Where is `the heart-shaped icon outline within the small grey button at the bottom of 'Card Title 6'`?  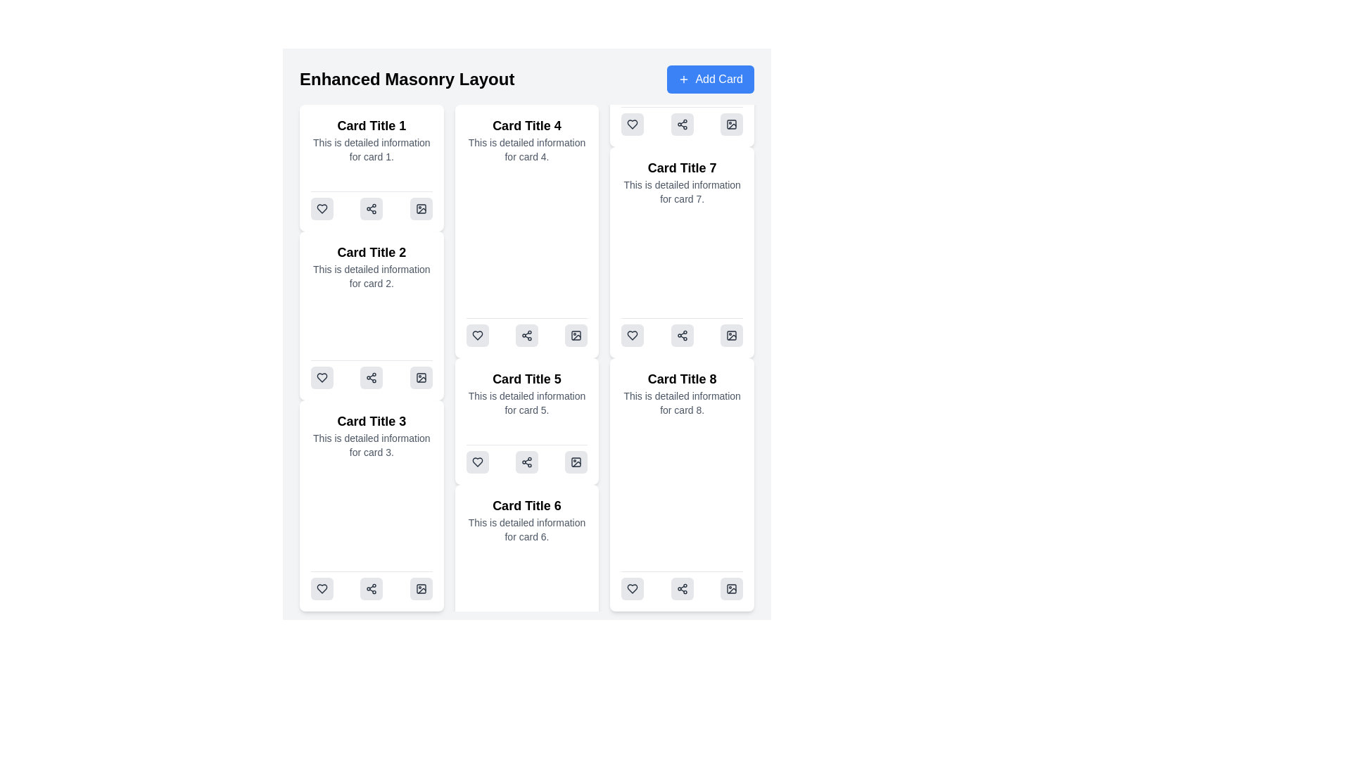
the heart-shaped icon outline within the small grey button at the bottom of 'Card Title 6' is located at coordinates (477, 462).